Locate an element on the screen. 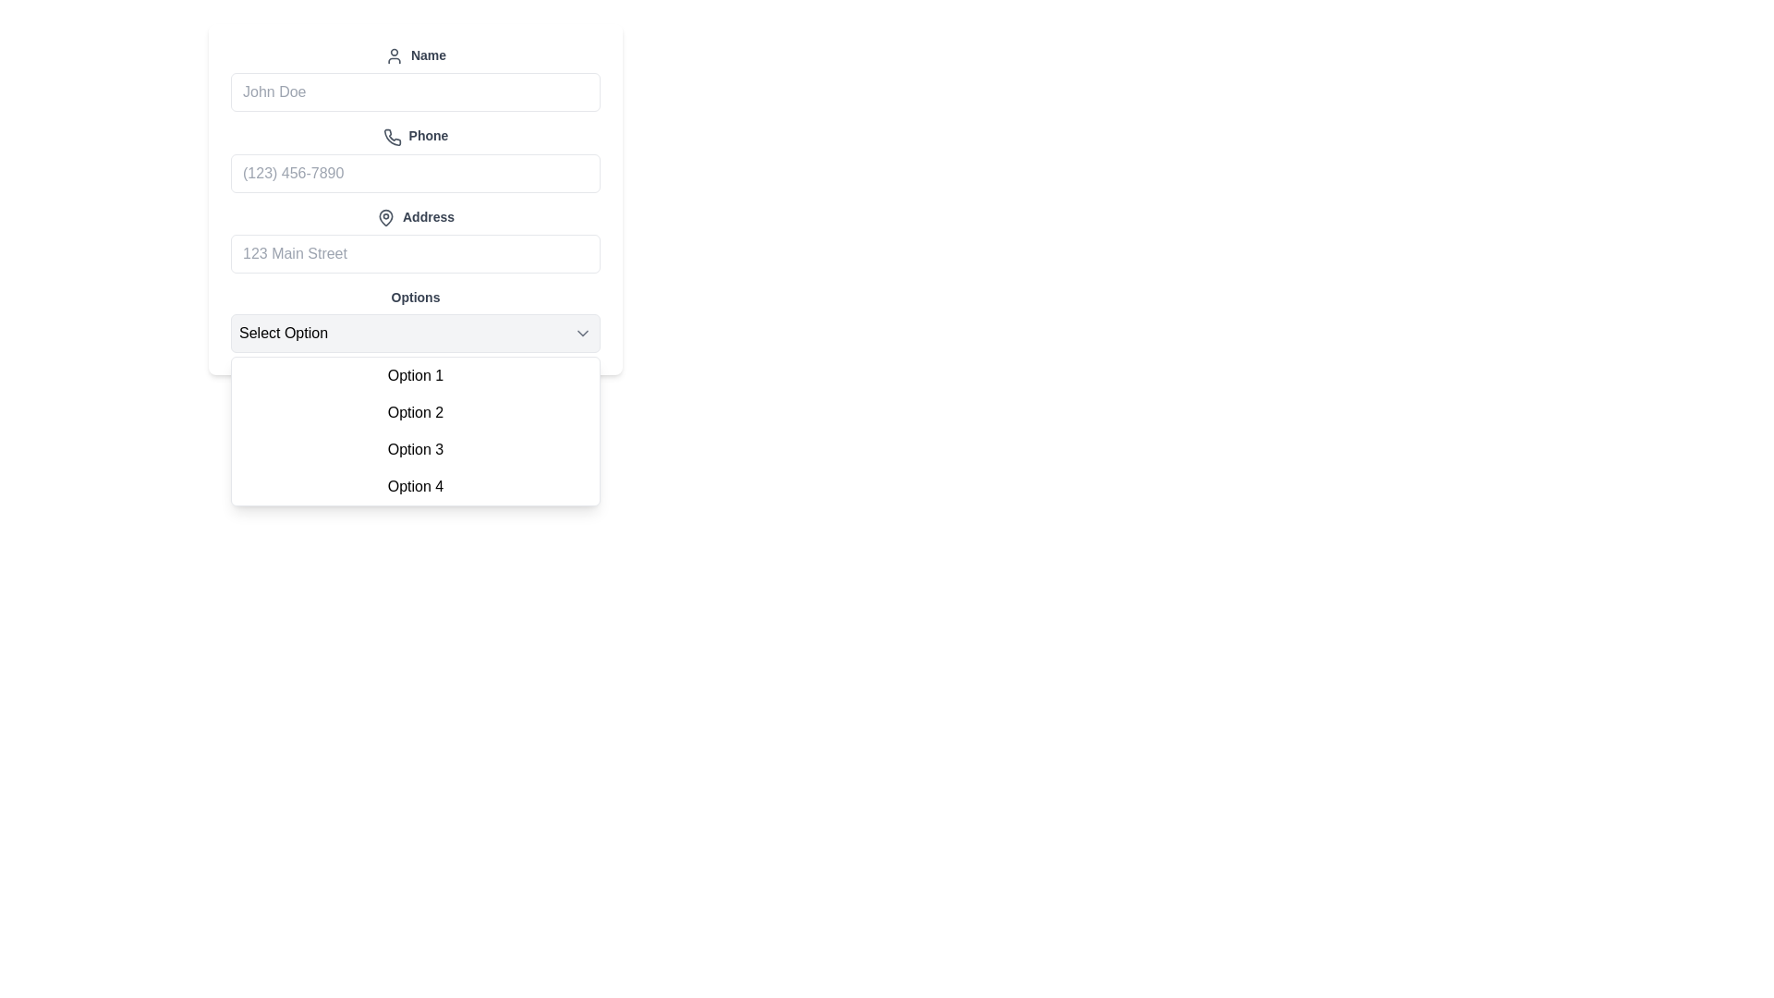 This screenshot has width=1774, height=998. the user icon styled as an outline drawing of a circular head above a semi-circular torso, located to the left of the label 'Name' at the top of the form is located at coordinates (394, 55).